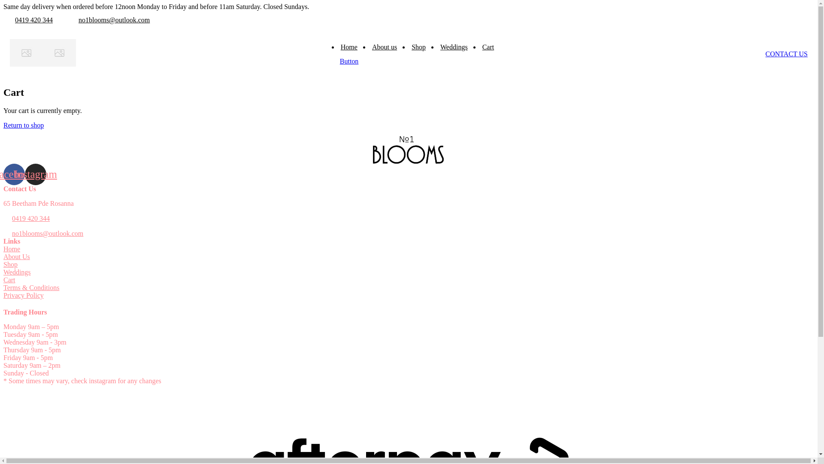 This screenshot has height=464, width=824. I want to click on '0419 420 344', so click(33, 19).